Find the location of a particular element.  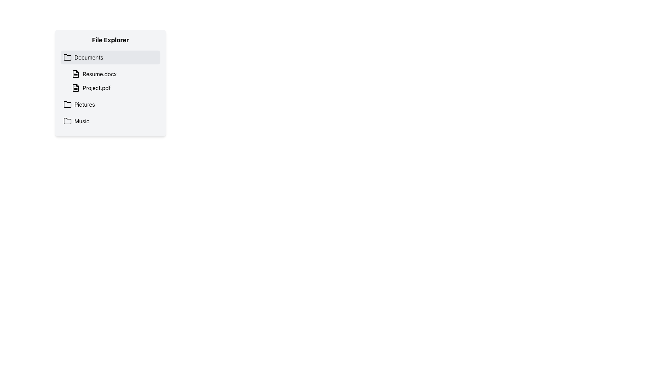

to select the file entry for 'Project.pdf', which is the second item in the file list under the 'Documents' folder is located at coordinates (115, 88).